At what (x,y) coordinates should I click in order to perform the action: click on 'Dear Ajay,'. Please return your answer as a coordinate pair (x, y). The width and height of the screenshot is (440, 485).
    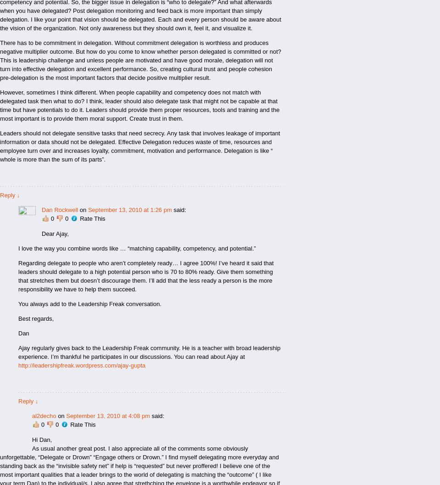
    Looking at the image, I should click on (55, 234).